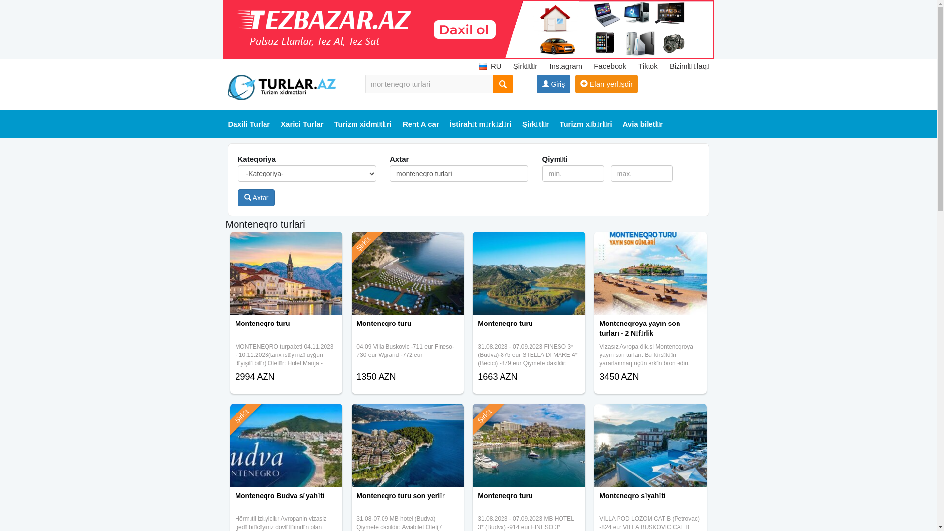 The width and height of the screenshot is (944, 531). What do you see at coordinates (542, 173) in the screenshot?
I see `'min.'` at bounding box center [542, 173].